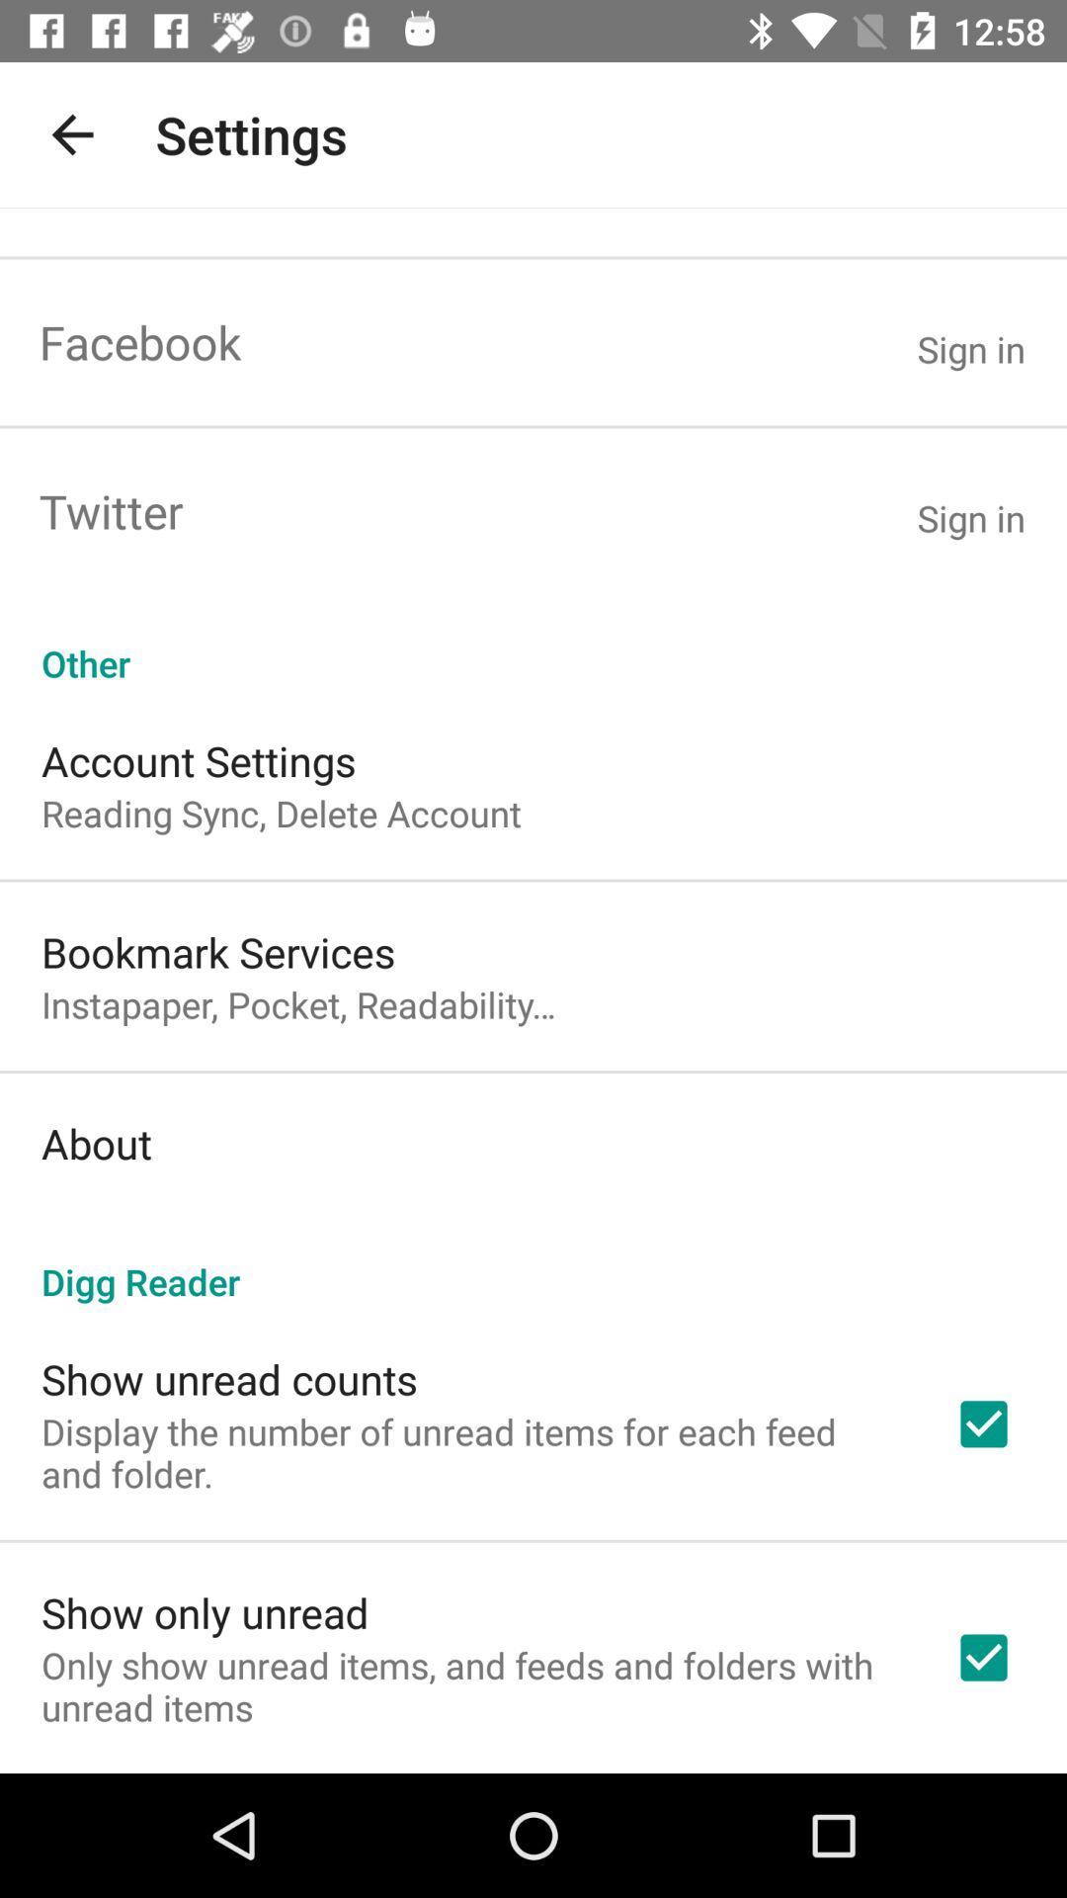 This screenshot has height=1898, width=1067. I want to click on about item, so click(96, 1143).